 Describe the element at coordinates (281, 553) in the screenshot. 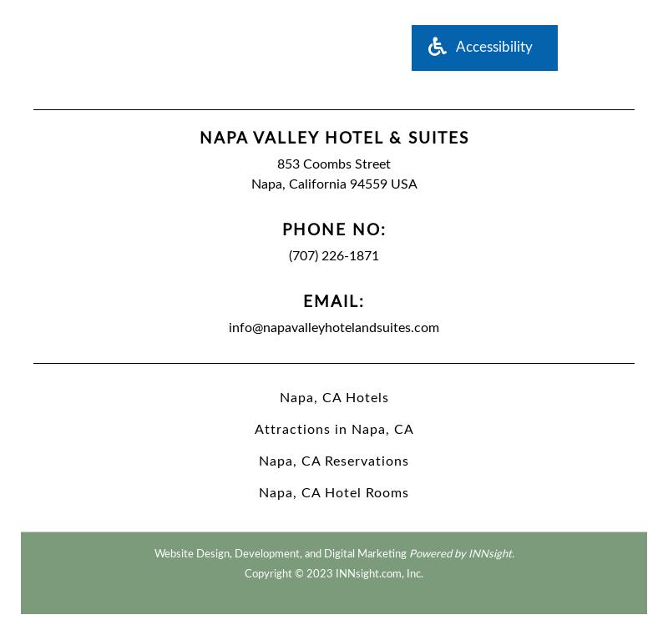

I see `'Website Design, Development, and Digital Marketing'` at that location.